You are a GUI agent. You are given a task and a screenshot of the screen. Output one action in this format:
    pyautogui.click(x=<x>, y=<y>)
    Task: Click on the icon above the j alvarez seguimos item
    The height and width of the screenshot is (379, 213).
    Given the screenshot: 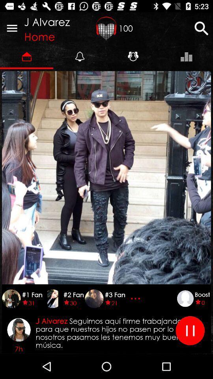 What is the action you would take?
    pyautogui.click(x=136, y=298)
    